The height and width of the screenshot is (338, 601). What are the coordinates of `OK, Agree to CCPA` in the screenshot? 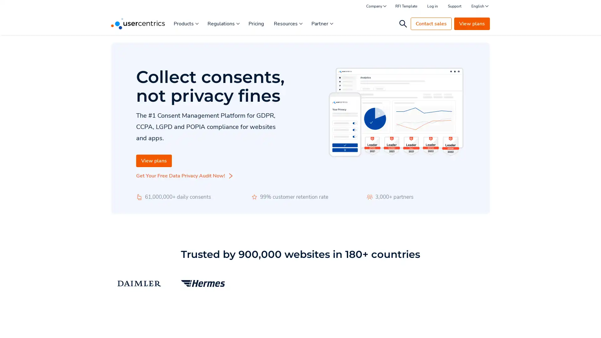 It's located at (463, 324).